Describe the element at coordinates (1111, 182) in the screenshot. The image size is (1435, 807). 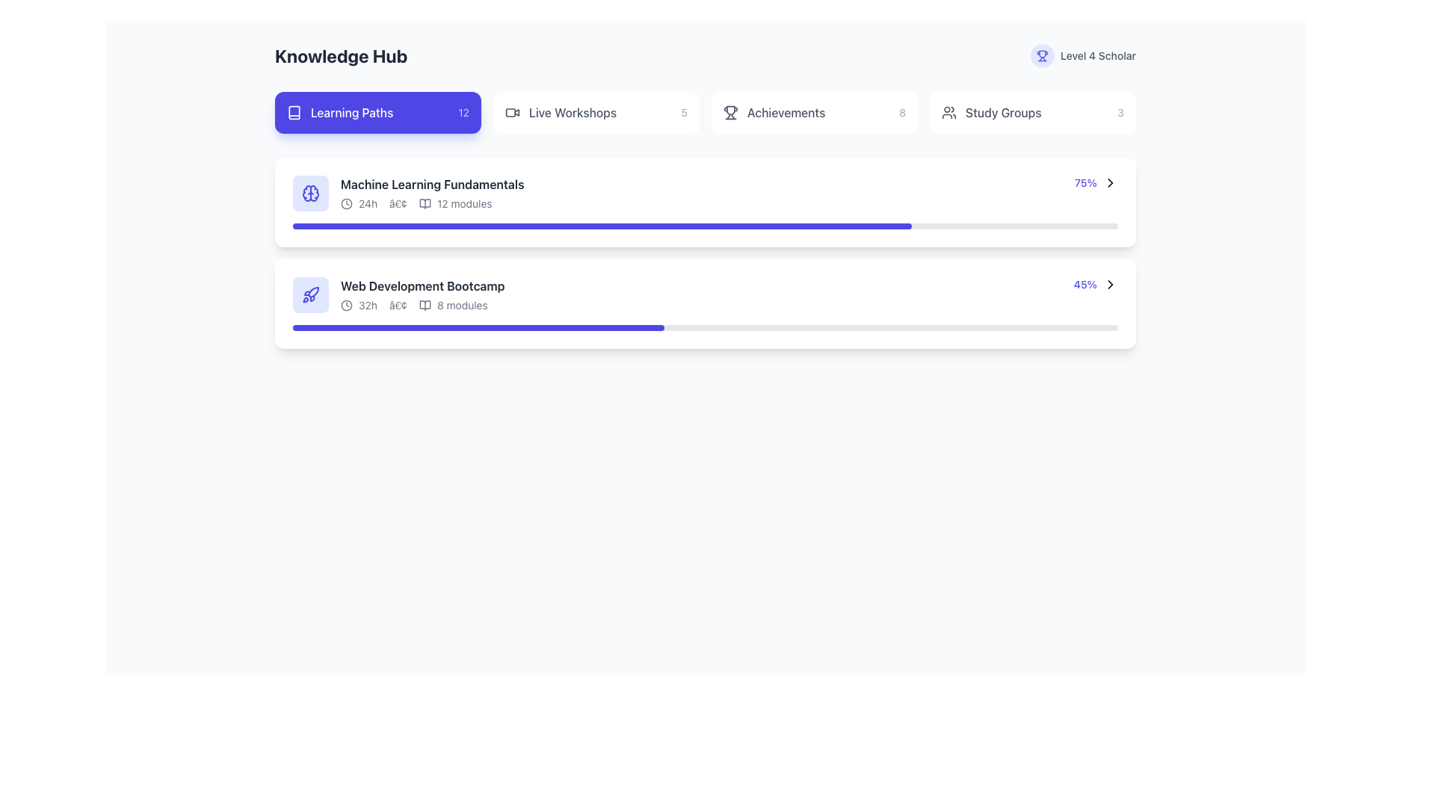
I see `the Vector icon (chevron right) located in the second list item, which indicates further navigation options` at that location.